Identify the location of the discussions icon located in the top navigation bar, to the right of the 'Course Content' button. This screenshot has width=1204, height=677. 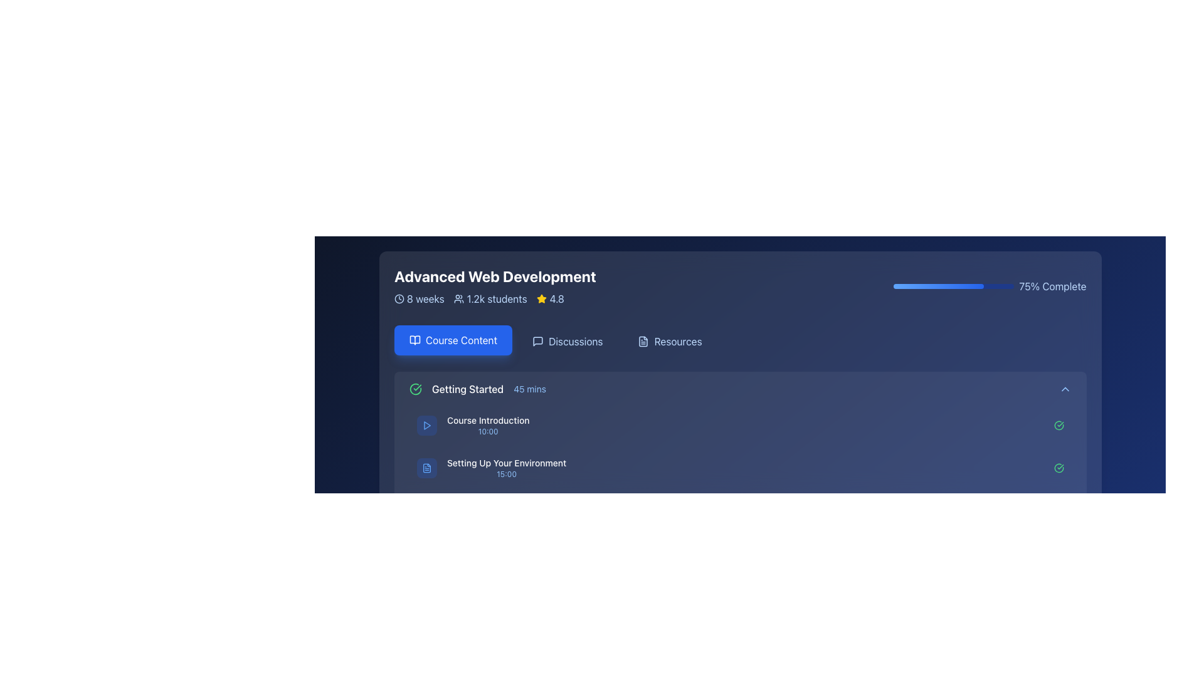
(537, 341).